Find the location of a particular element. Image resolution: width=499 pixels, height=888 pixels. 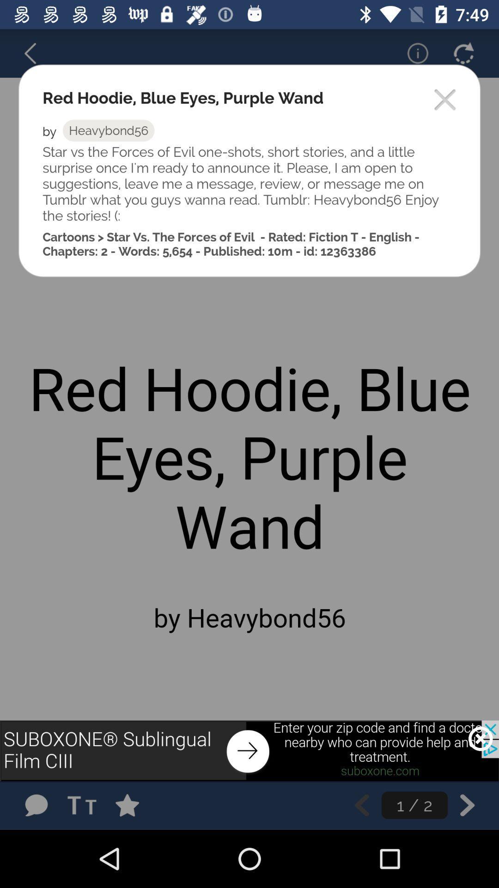

chat is located at coordinates (36, 805).